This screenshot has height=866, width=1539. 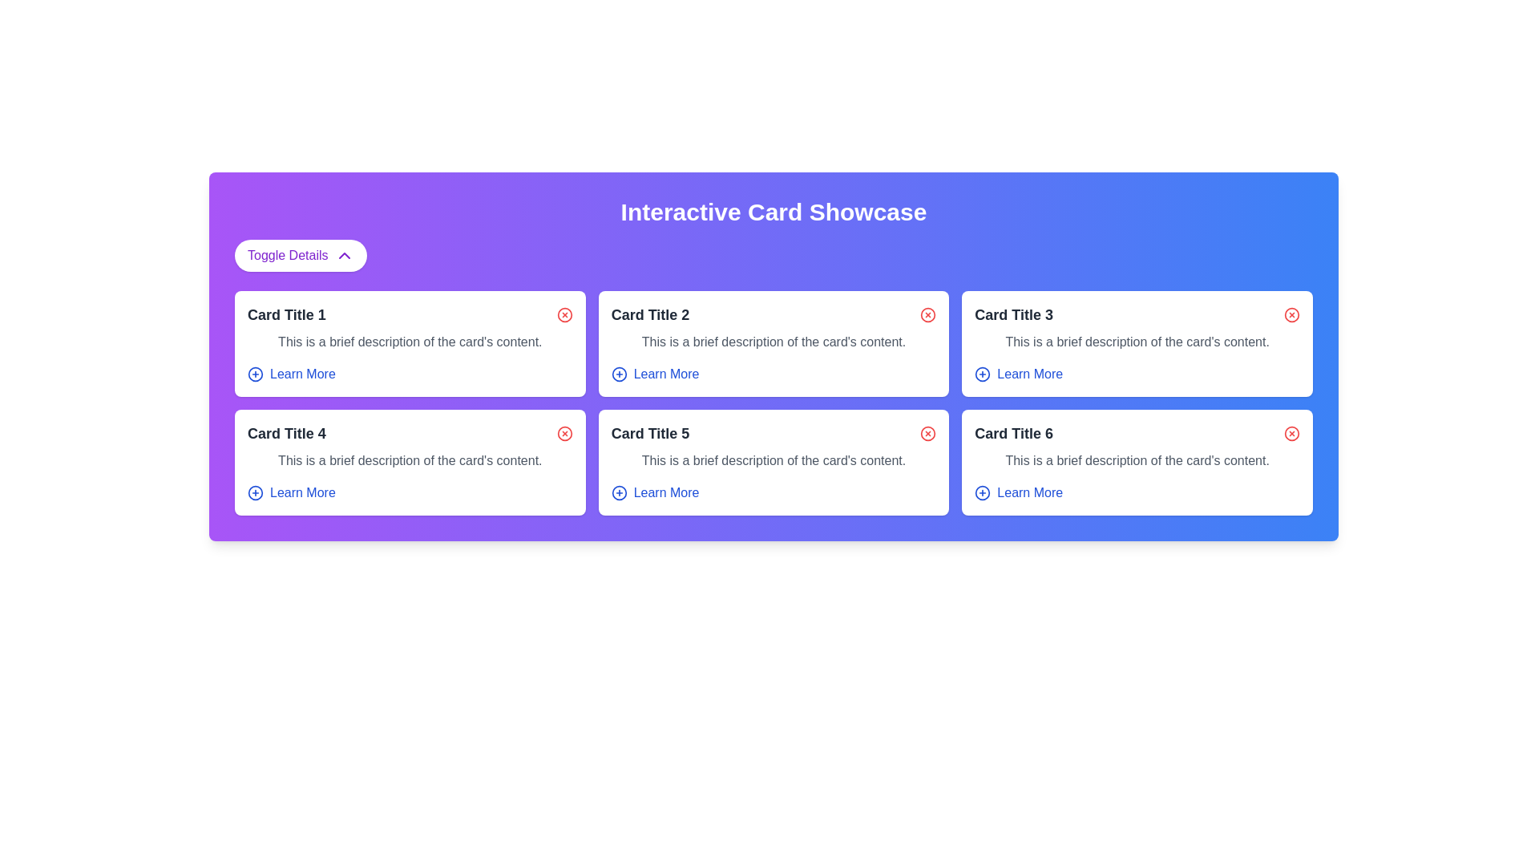 What do you see at coordinates (618, 374) in the screenshot?
I see `the circular graphic icon with a blue border and a plus symbol (+) inside it, located in the 'Learn More' section of 'Card Title 2'` at bounding box center [618, 374].